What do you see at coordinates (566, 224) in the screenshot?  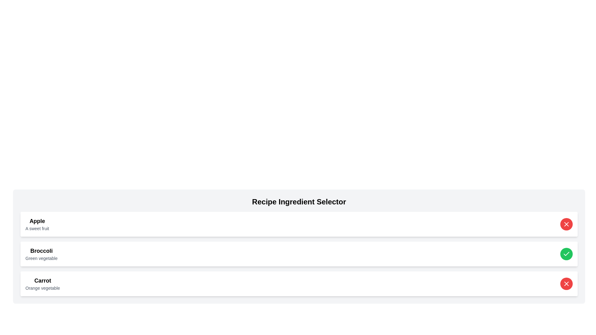 I see `the icon located to the far right of the 'Apple' list item` at bounding box center [566, 224].